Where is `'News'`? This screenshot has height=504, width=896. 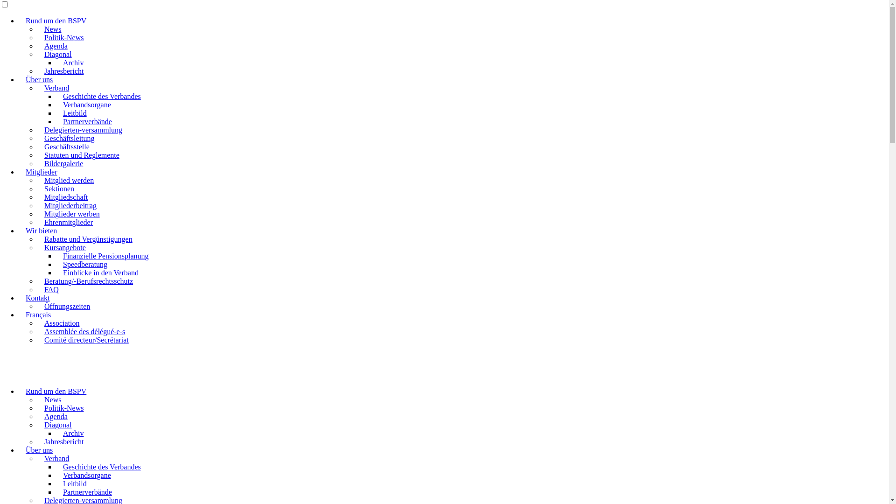
'News' is located at coordinates (52, 399).